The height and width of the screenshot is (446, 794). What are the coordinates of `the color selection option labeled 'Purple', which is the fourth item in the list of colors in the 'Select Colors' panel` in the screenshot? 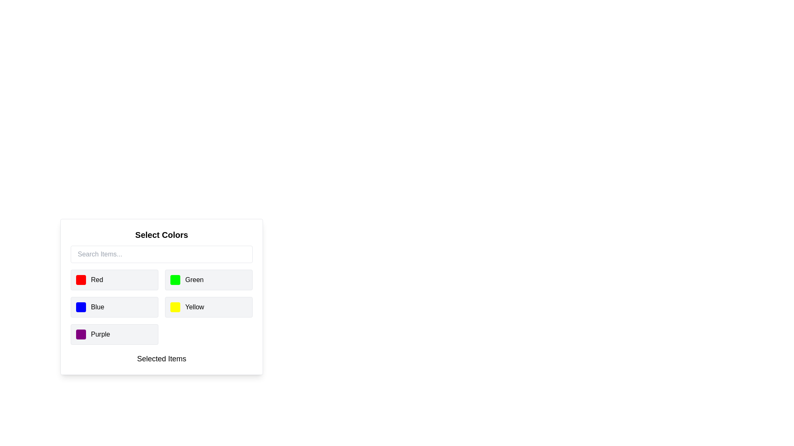 It's located at (93, 334).